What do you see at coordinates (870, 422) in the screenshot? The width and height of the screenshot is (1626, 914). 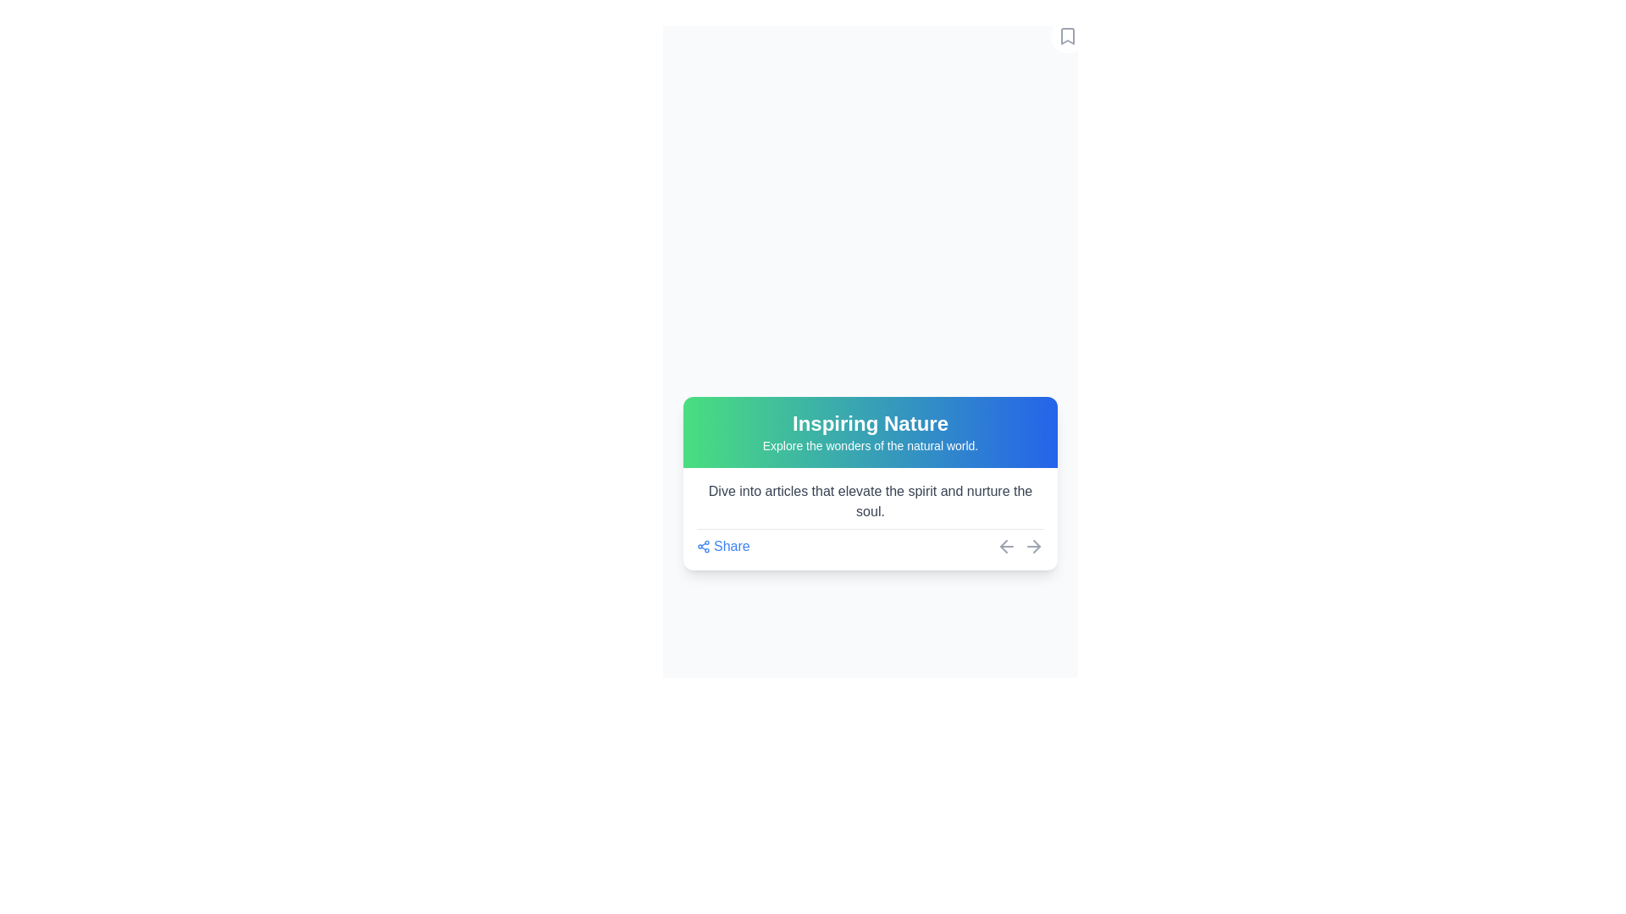 I see `the bold text header reading 'Inspiring Nature' which is styled with a larger font size and bright white color, located at the top and centered inside a gradient-filled card transitioning from green to blue` at bounding box center [870, 422].